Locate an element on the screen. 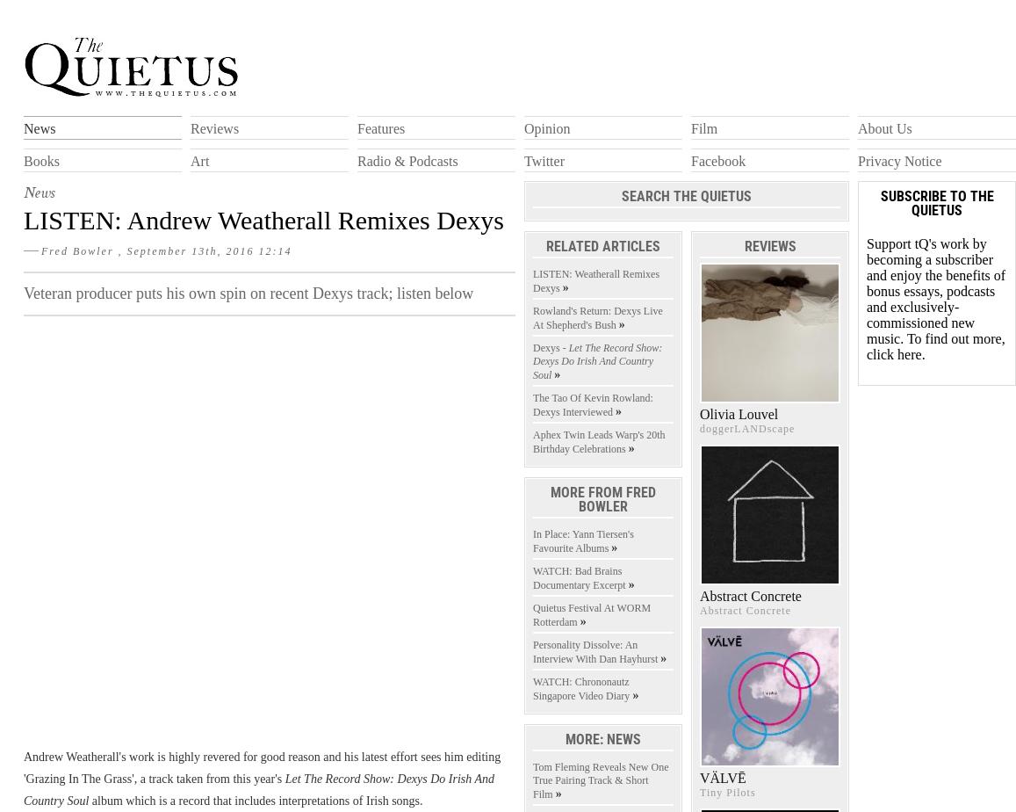  'album which is a record that includes interpretations of Irish songs.' is located at coordinates (89, 801).